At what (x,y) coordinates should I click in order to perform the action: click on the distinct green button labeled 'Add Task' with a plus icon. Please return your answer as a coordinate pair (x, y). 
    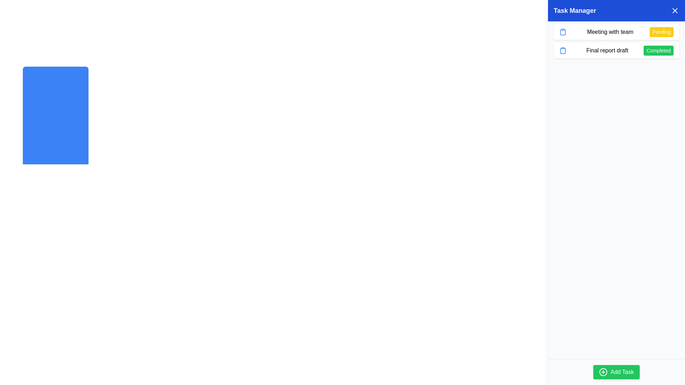
    Looking at the image, I should click on (616, 372).